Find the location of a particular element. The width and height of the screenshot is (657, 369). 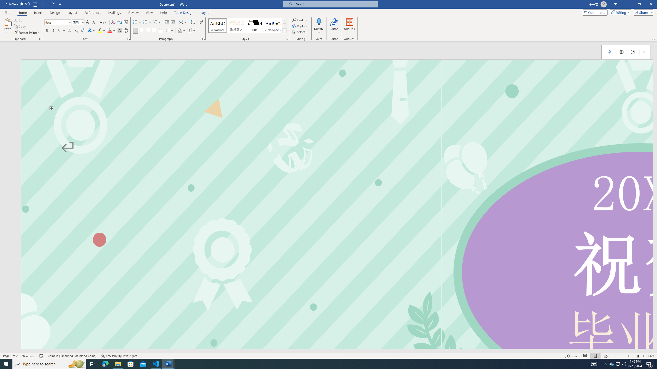

'Paste' is located at coordinates (7, 22).